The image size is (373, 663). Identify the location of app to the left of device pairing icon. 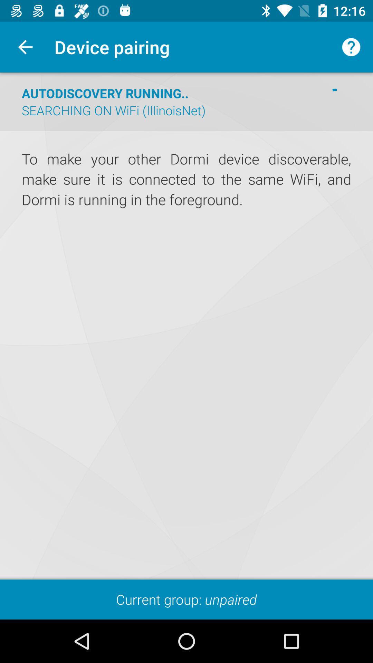
(25, 47).